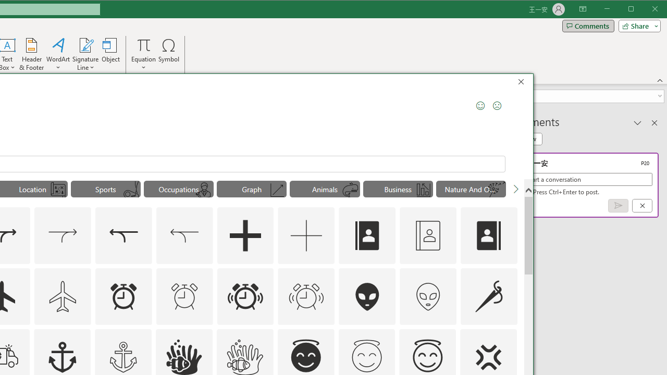  I want to click on 'AutomationID: Icons_Add_M', so click(306, 235).